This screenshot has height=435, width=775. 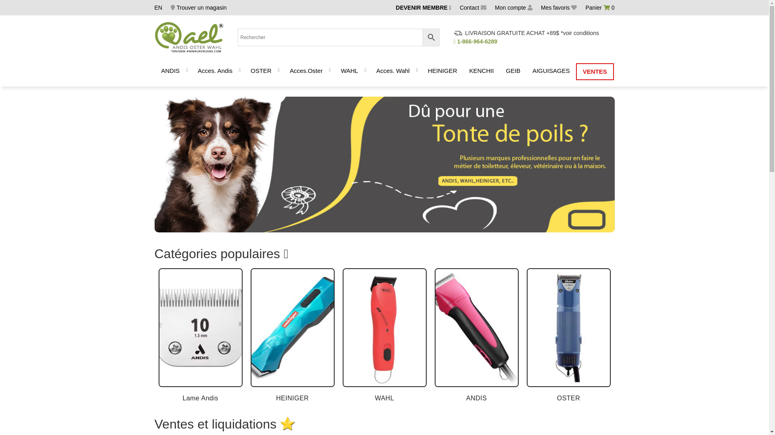 What do you see at coordinates (494, 8) in the screenshot?
I see `'Mon compte'` at bounding box center [494, 8].